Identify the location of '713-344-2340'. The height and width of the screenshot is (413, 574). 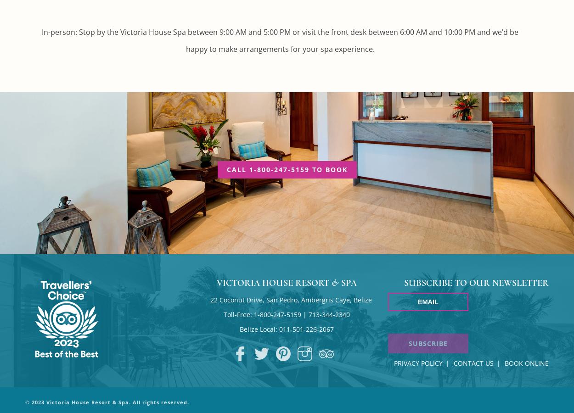
(329, 314).